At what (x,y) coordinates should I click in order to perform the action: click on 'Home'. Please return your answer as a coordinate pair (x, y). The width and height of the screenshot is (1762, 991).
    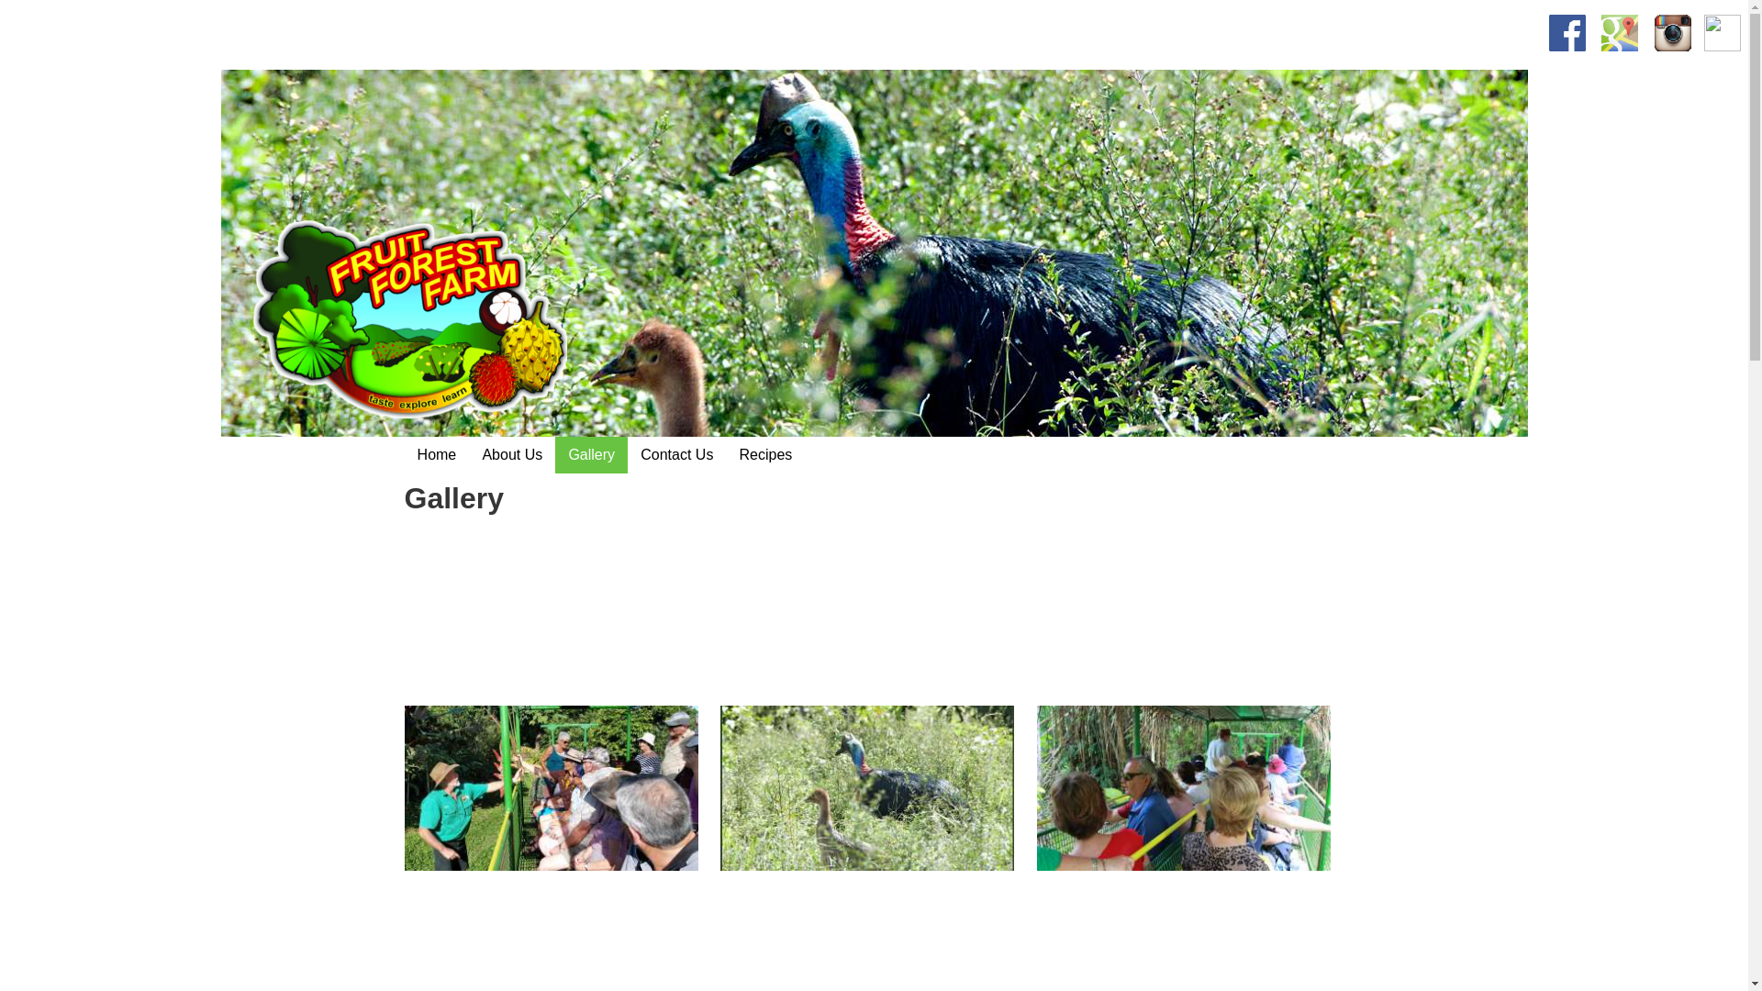
    Looking at the image, I should click on (435, 454).